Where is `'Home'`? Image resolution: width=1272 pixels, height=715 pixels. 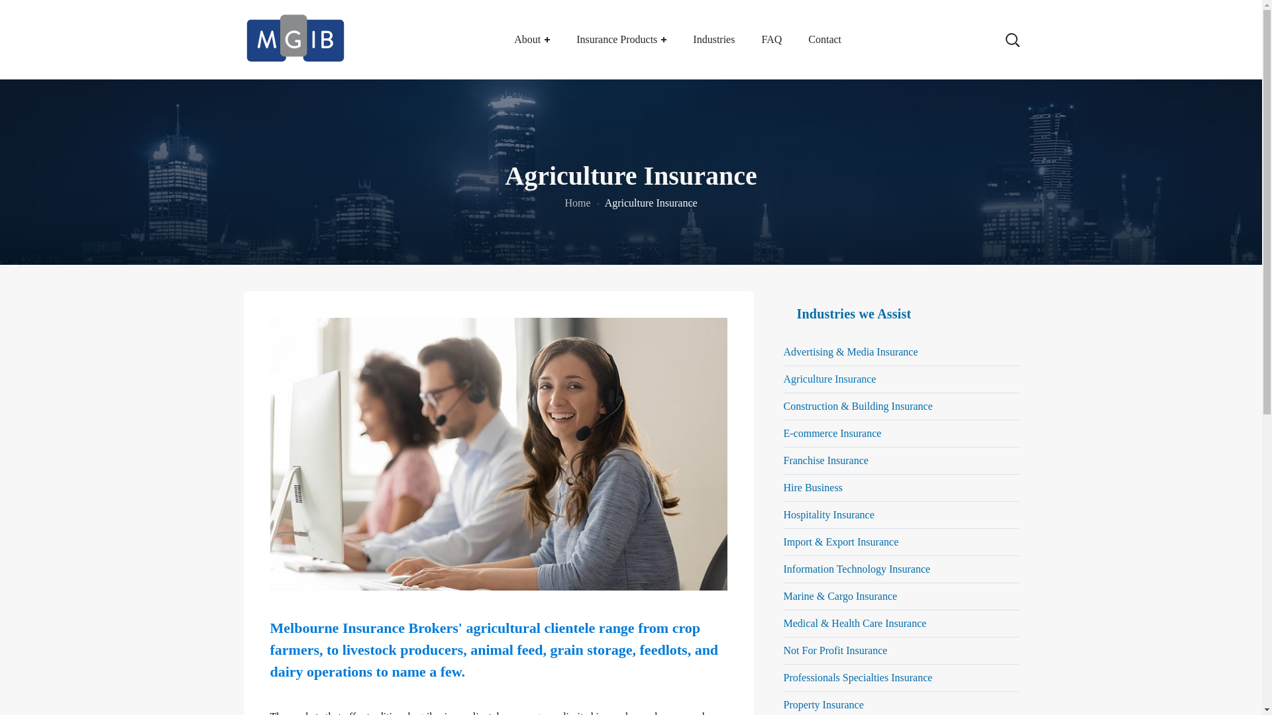 'Home' is located at coordinates (577, 203).